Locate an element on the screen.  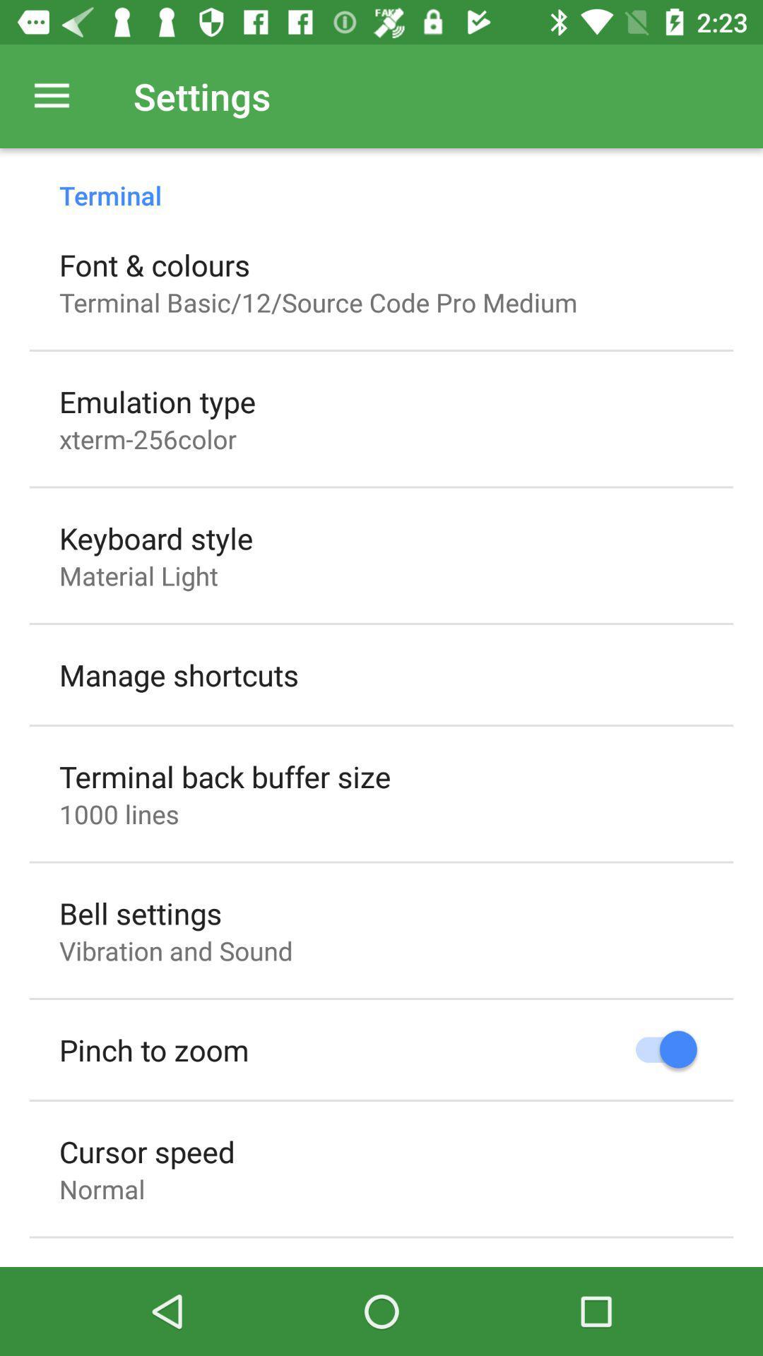
item below the terminal back buffer icon is located at coordinates (118, 814).